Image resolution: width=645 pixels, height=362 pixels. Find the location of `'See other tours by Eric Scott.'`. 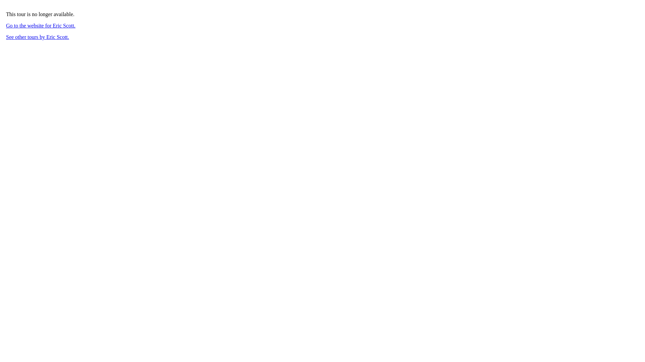

'See other tours by Eric Scott.' is located at coordinates (37, 37).